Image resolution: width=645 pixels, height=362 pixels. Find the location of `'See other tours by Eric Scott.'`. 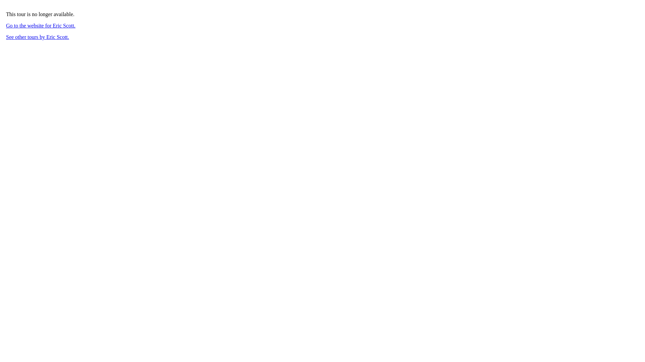

'See other tours by Eric Scott.' is located at coordinates (37, 37).